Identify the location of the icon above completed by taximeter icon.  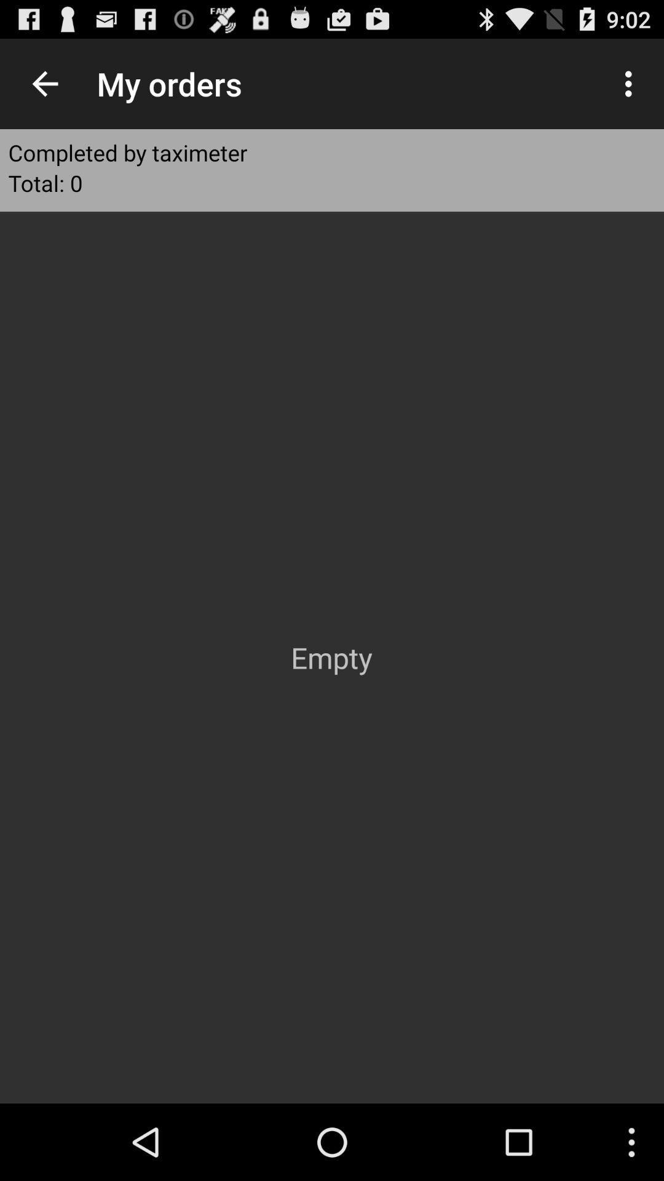
(44, 83).